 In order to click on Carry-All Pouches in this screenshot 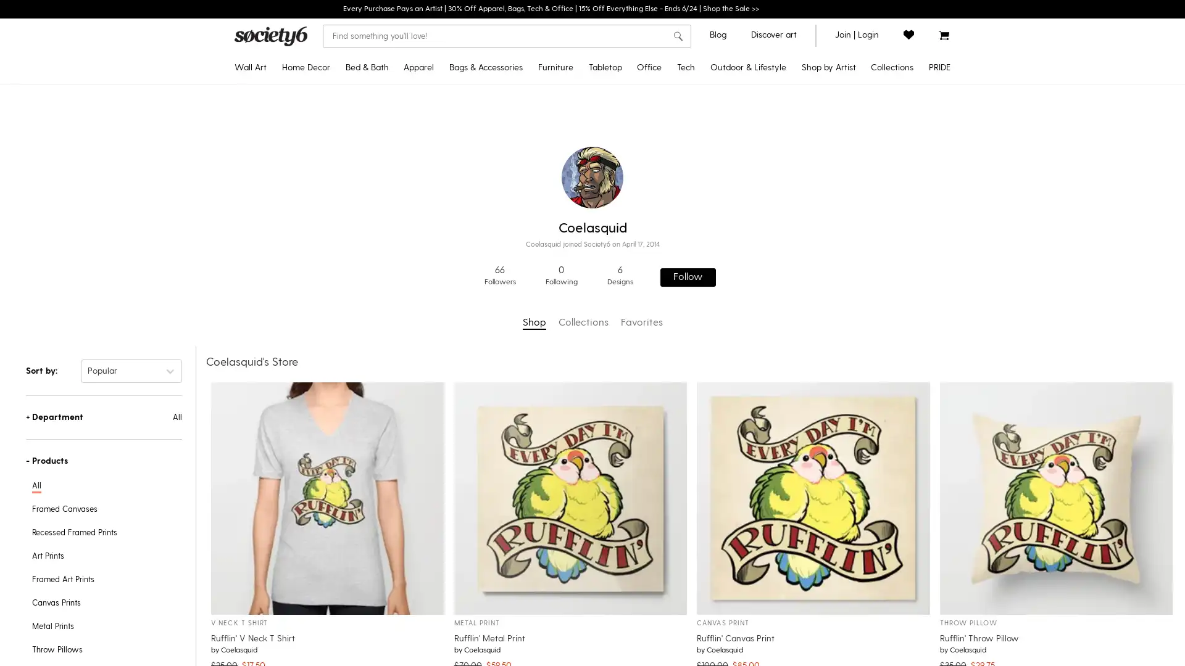, I will do `click(494, 118)`.